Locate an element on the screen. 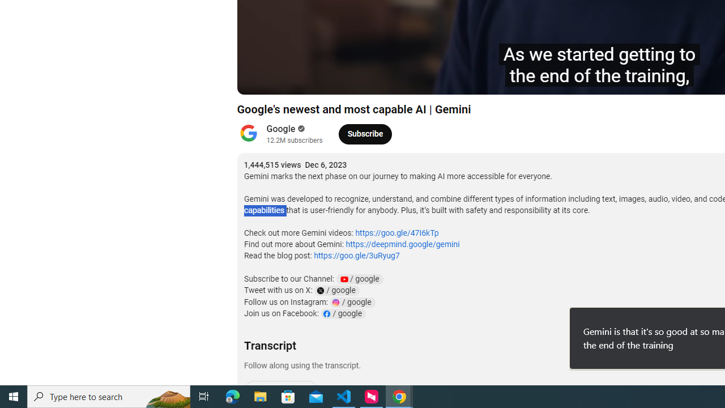 The width and height of the screenshot is (725, 408). 'Google' is located at coordinates (281, 128).